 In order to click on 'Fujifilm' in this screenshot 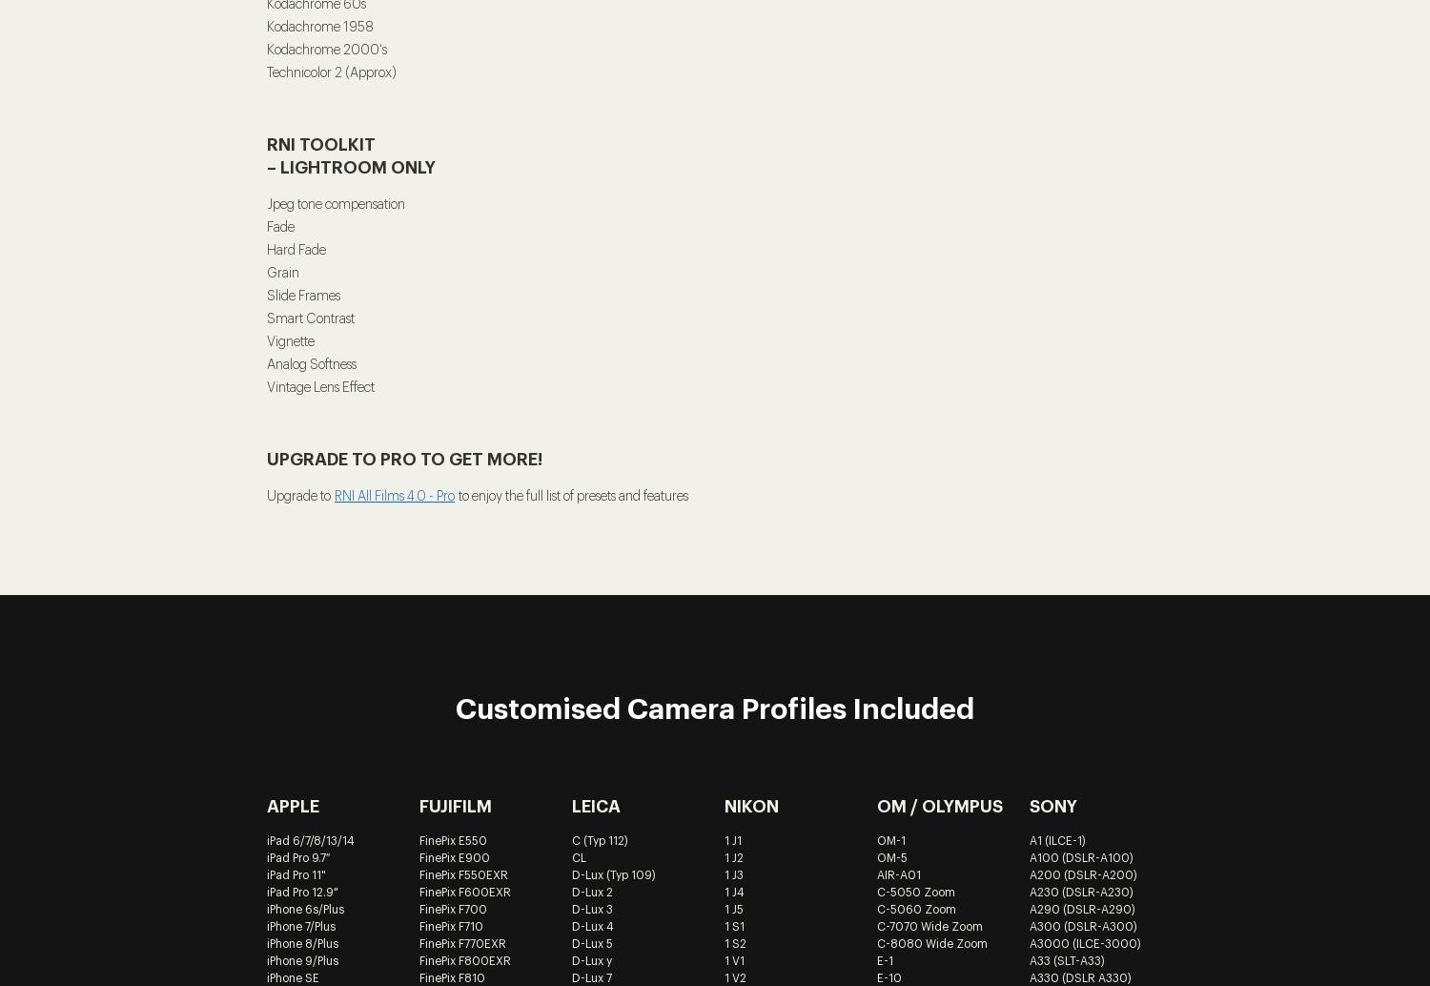, I will do `click(454, 806)`.